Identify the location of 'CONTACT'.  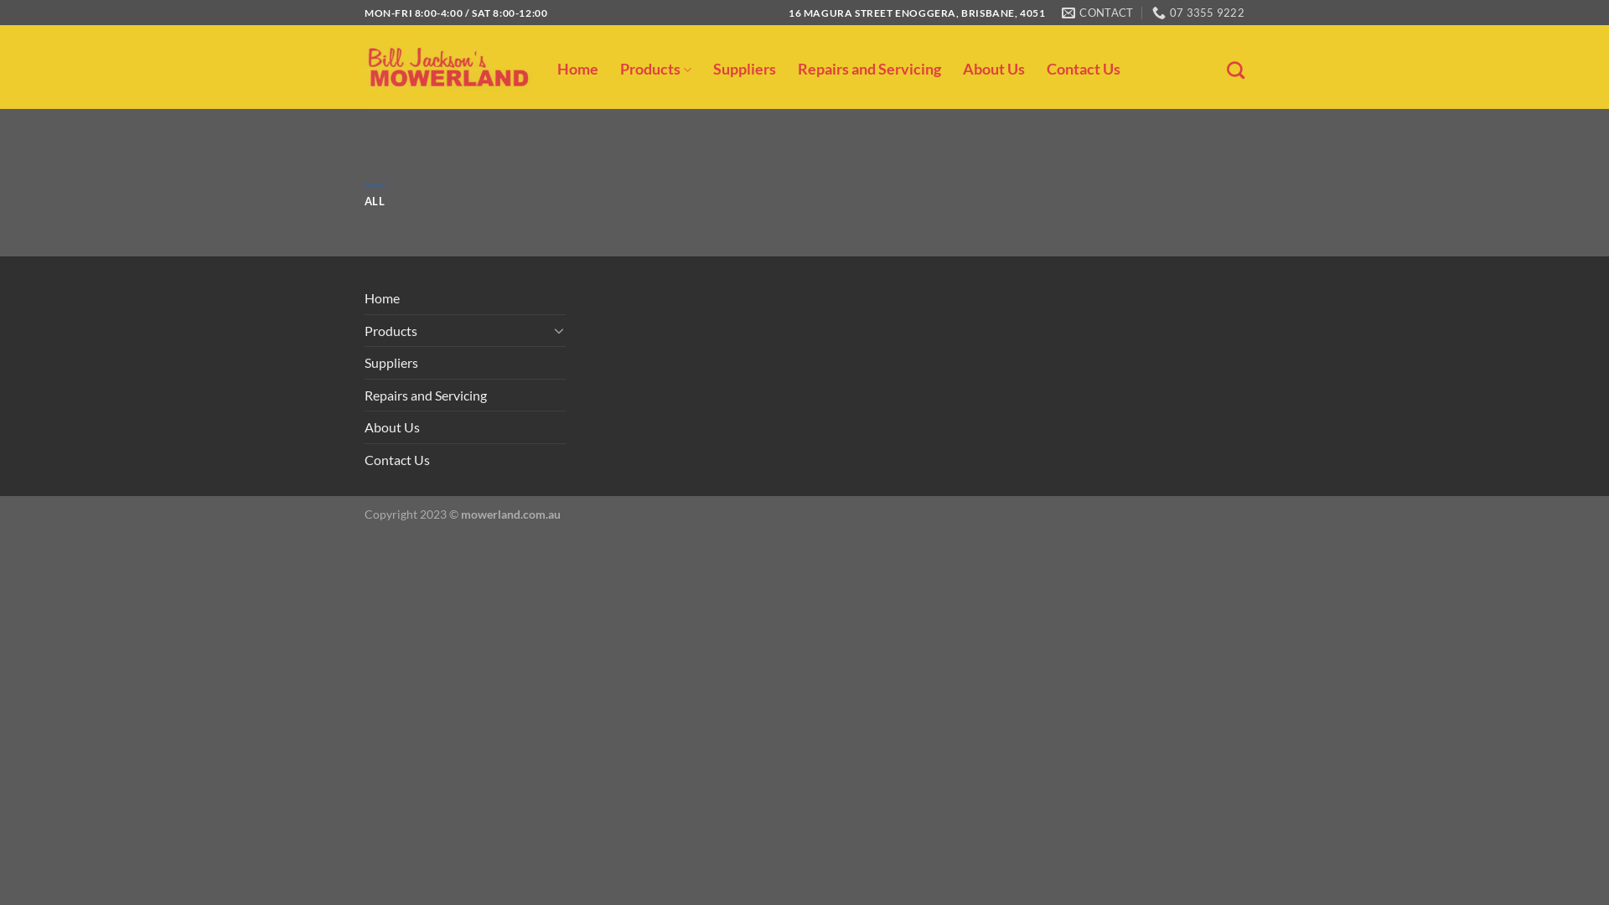
(1097, 13).